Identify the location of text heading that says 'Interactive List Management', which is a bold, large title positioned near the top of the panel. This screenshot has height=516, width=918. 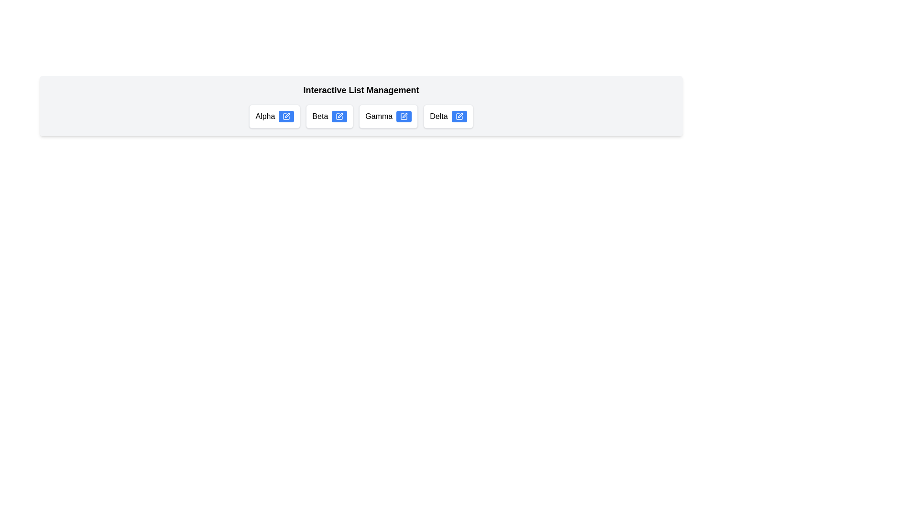
(361, 90).